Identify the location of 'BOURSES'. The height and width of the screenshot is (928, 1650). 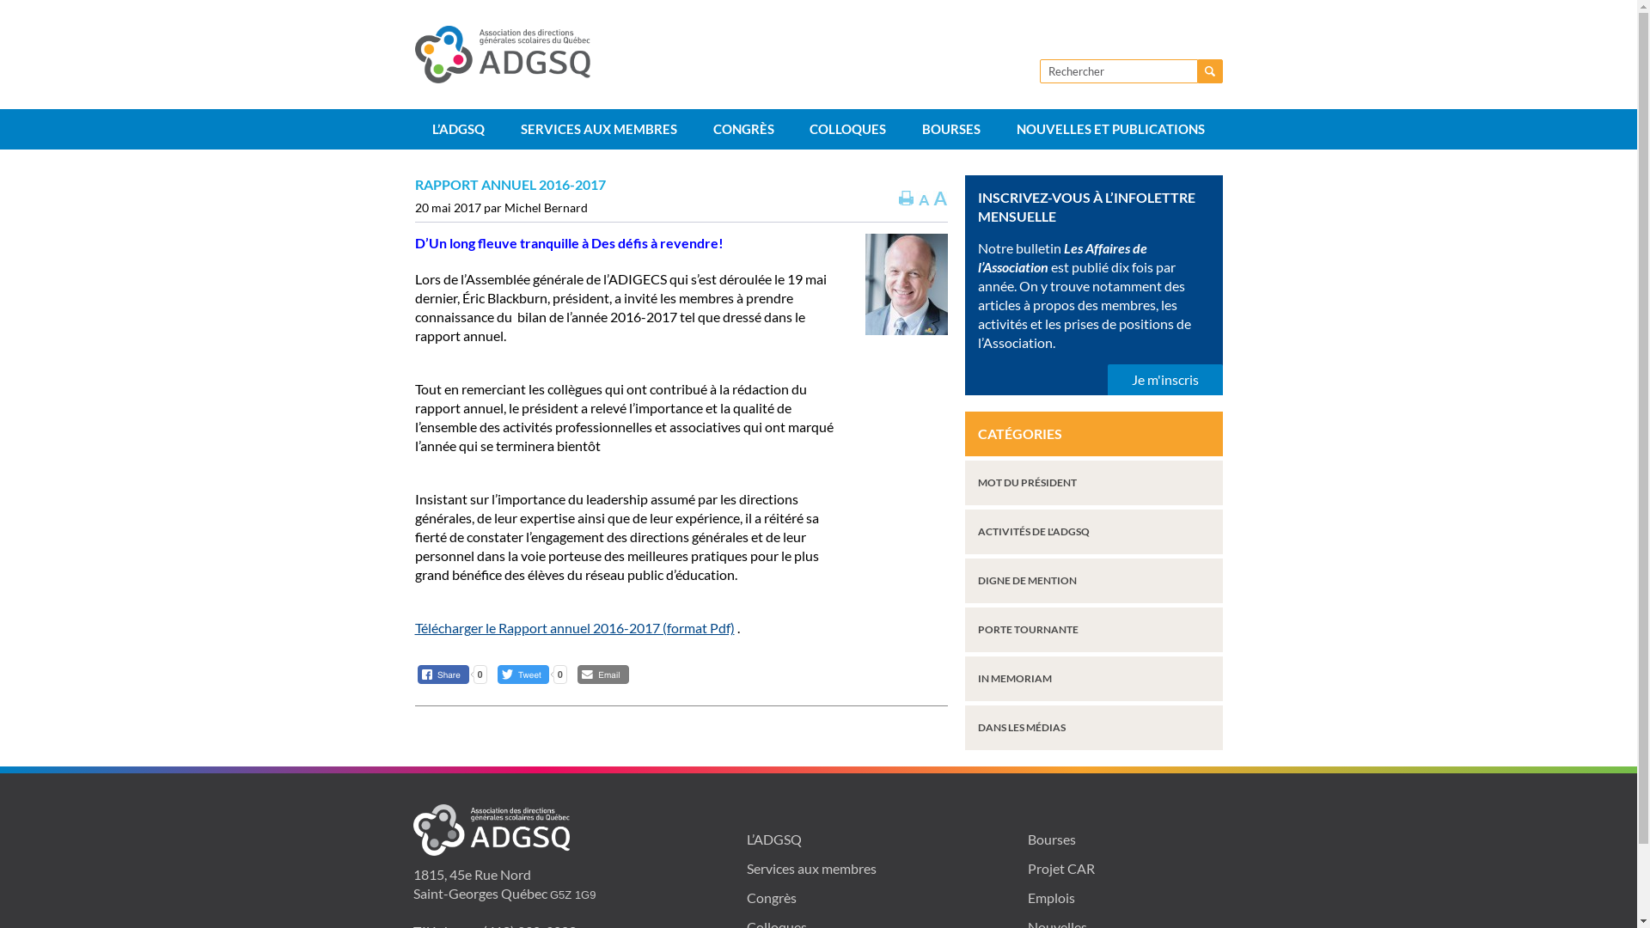
(950, 128).